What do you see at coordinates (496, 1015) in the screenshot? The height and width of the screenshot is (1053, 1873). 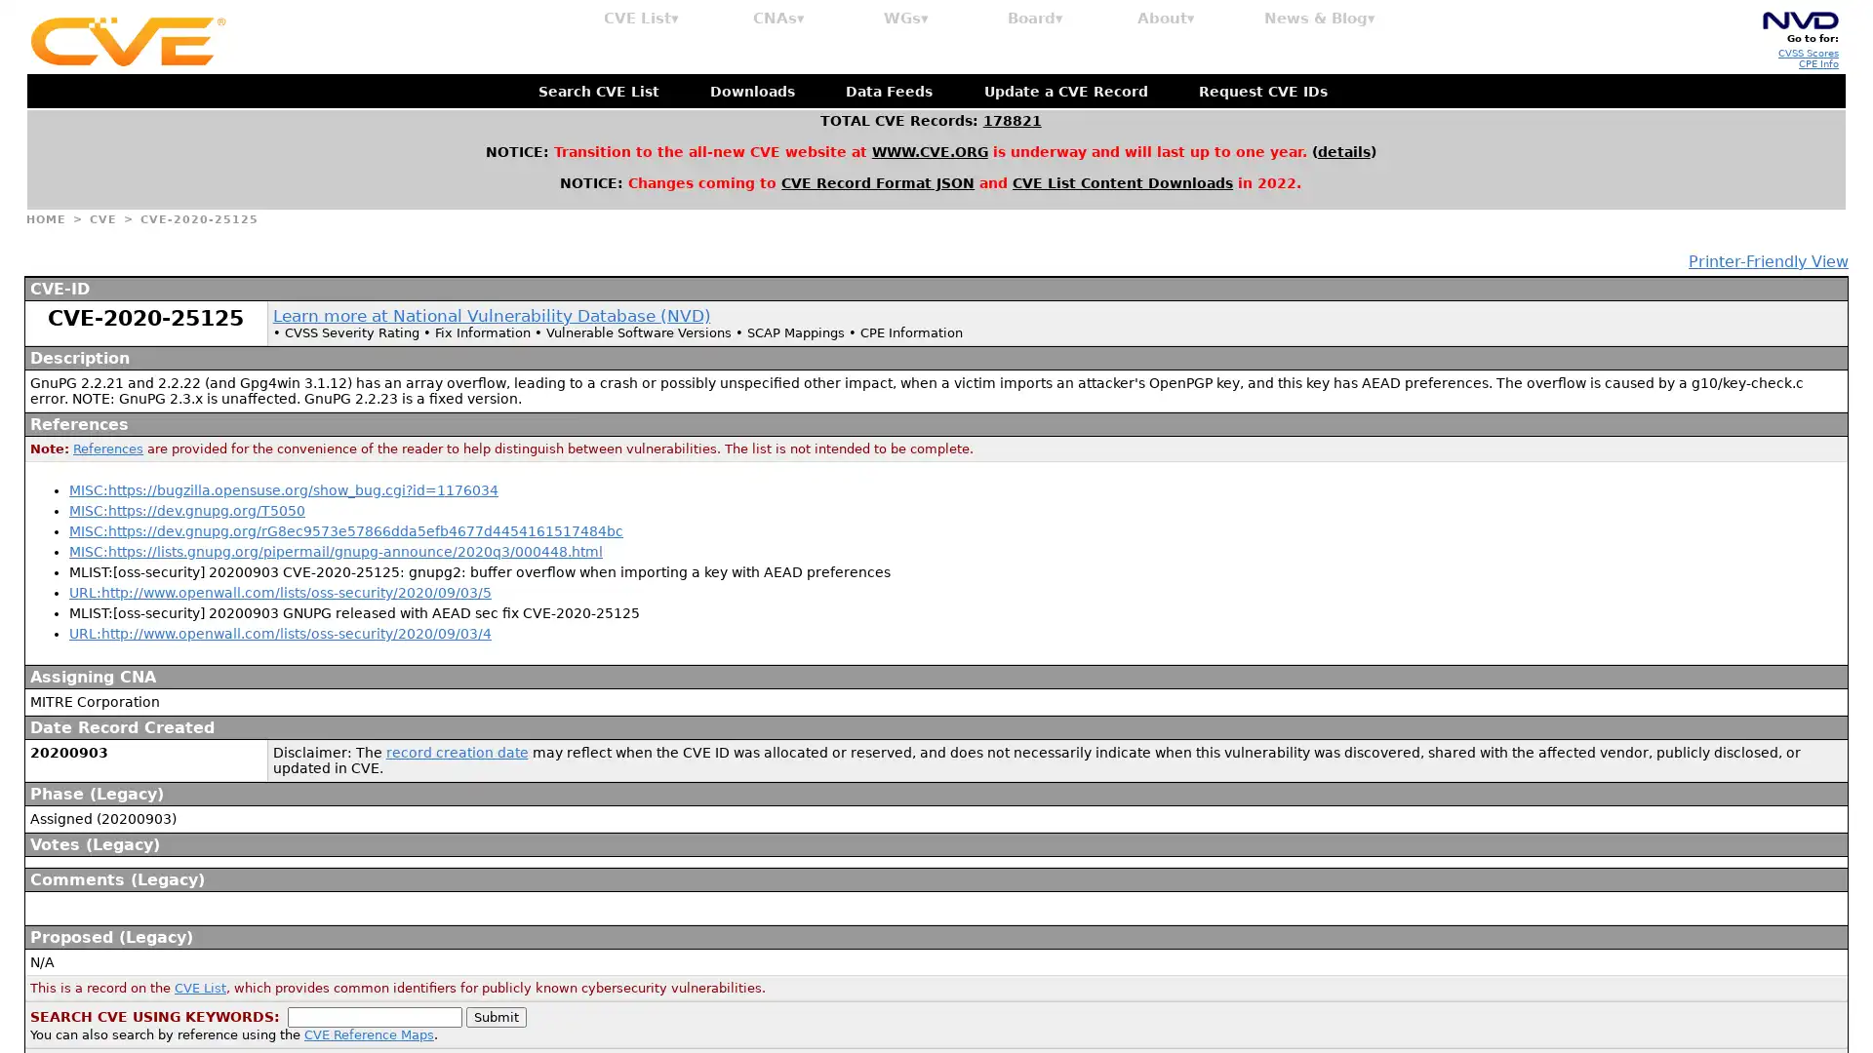 I see `Submit` at bounding box center [496, 1015].